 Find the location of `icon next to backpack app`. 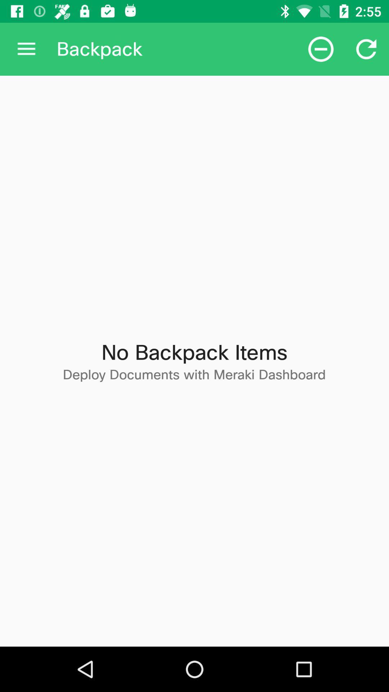

icon next to backpack app is located at coordinates (321, 49).